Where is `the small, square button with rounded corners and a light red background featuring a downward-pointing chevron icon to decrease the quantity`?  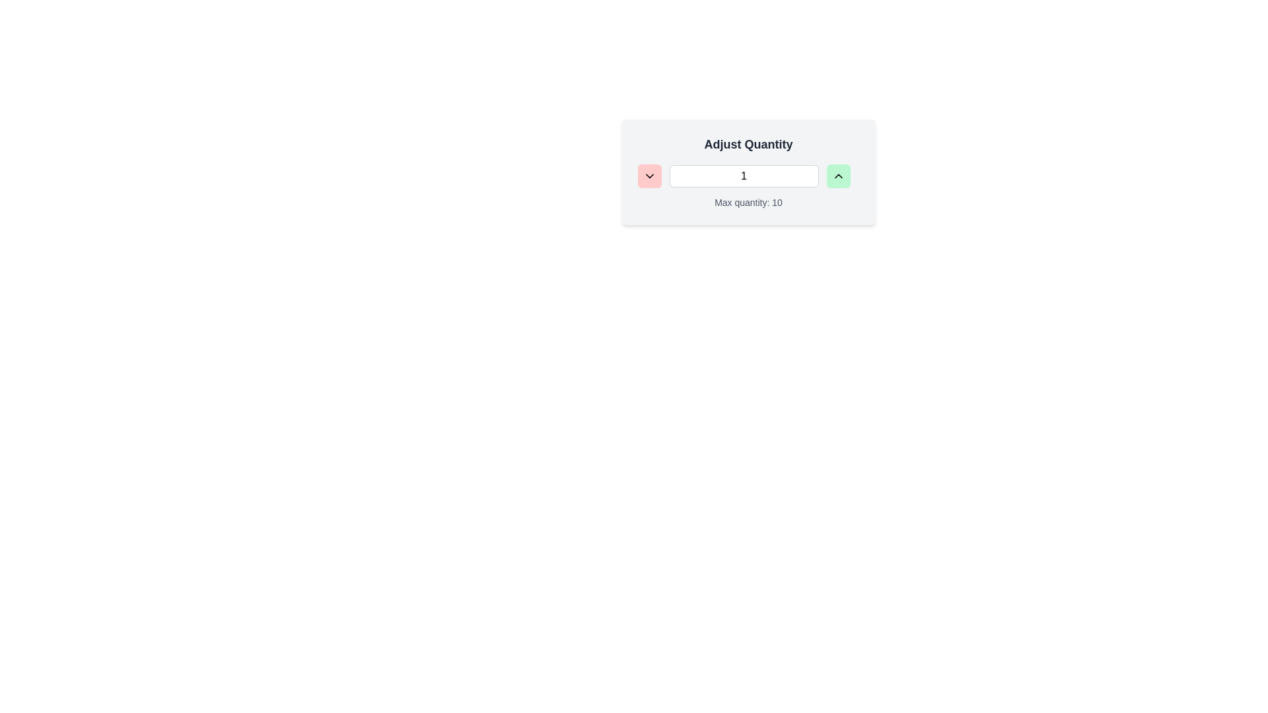
the small, square button with rounded corners and a light red background featuring a downward-pointing chevron icon to decrease the quantity is located at coordinates (649, 175).